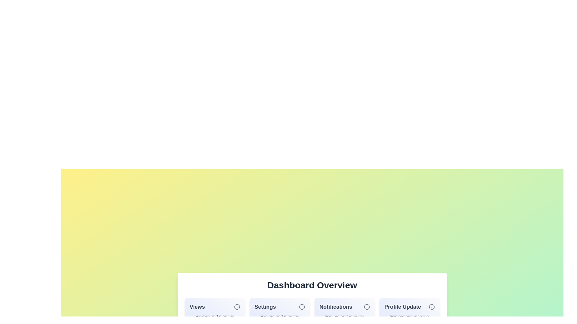 This screenshot has width=577, height=324. Describe the element at coordinates (302, 307) in the screenshot. I see `the informational icon button located to the right of the 'Settings' text in the horizontal menu under 'Dashboard Overview'` at that location.